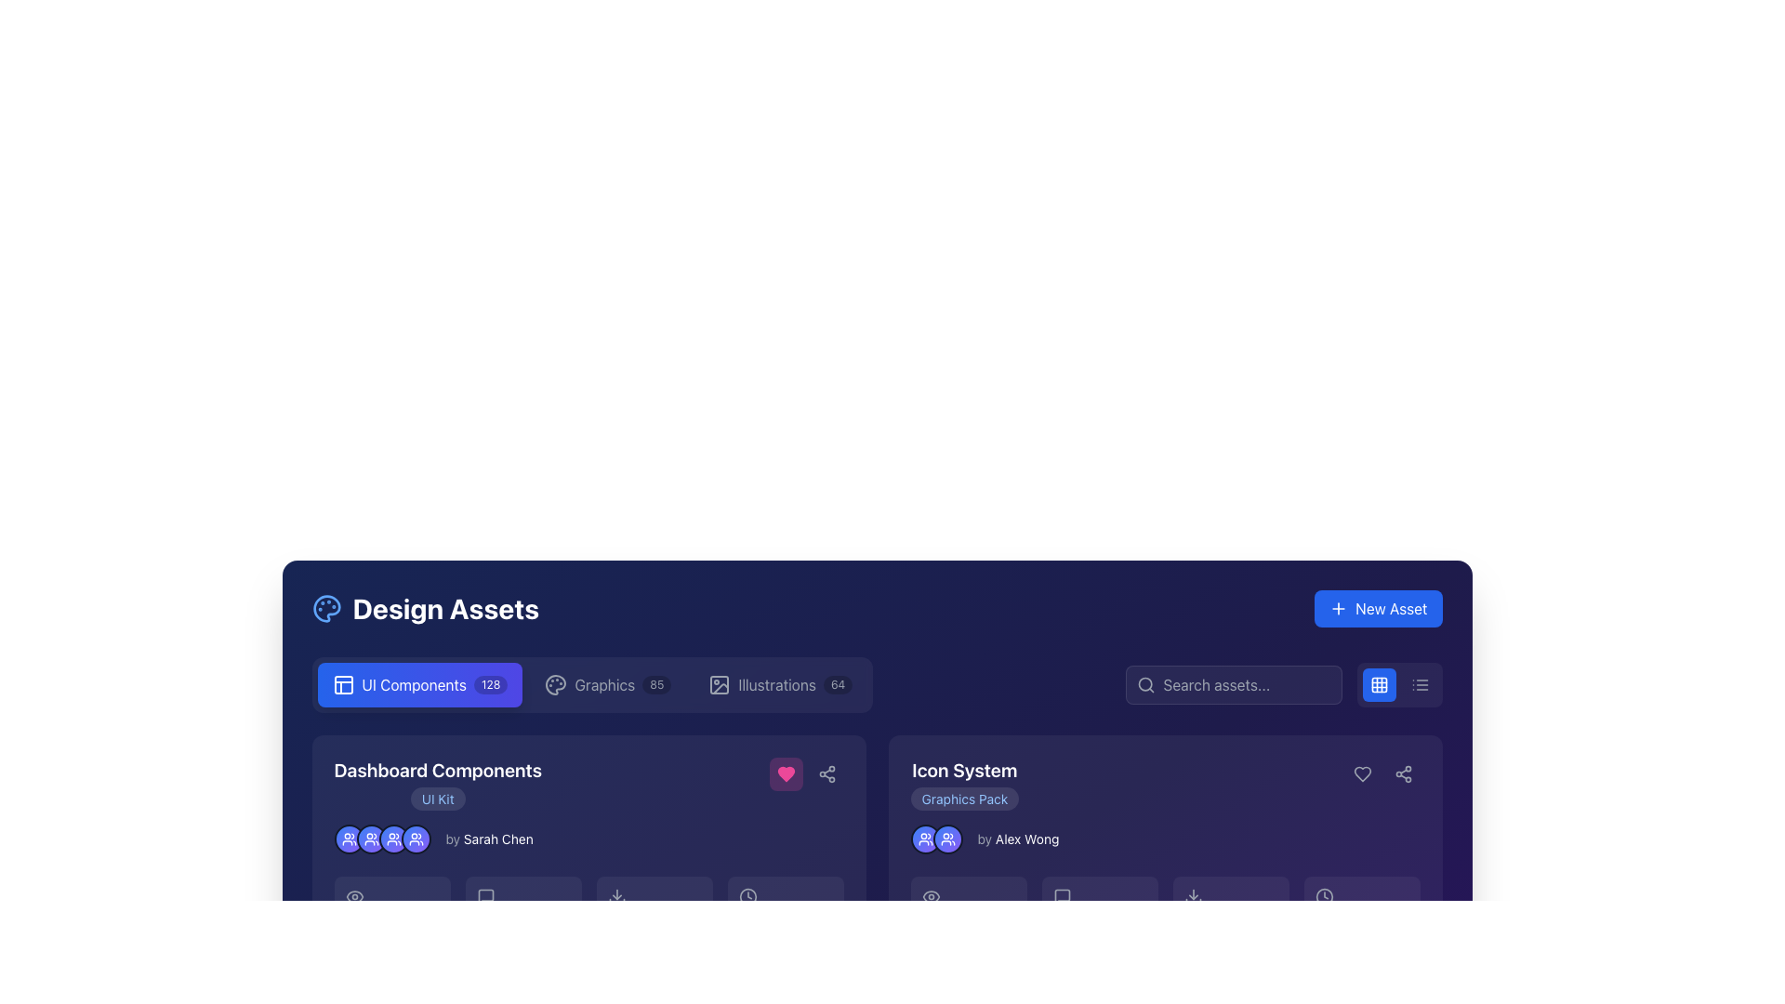  I want to click on the small rounded badge displaying the number '85', which is part of the 'Graphics' tab section and positioned to the far right, near other similar numeric badges, so click(656, 684).